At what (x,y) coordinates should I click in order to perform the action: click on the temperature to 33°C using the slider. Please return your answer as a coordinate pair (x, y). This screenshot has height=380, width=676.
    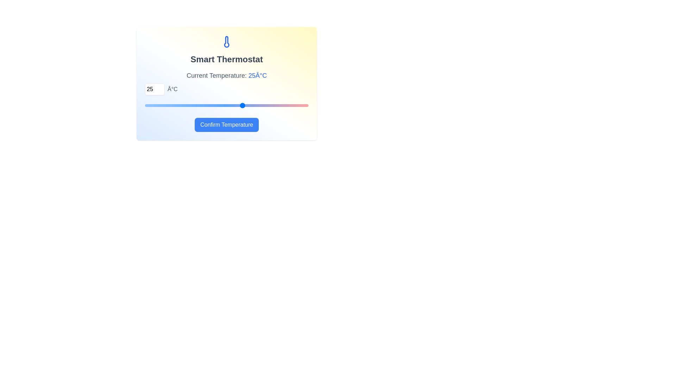
    Looking at the image, I should click on (295, 106).